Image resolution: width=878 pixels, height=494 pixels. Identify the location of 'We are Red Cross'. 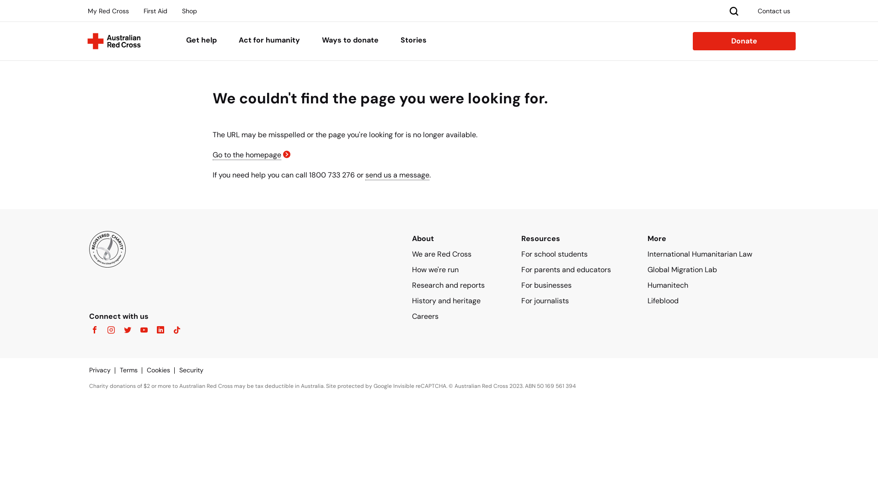
(441, 254).